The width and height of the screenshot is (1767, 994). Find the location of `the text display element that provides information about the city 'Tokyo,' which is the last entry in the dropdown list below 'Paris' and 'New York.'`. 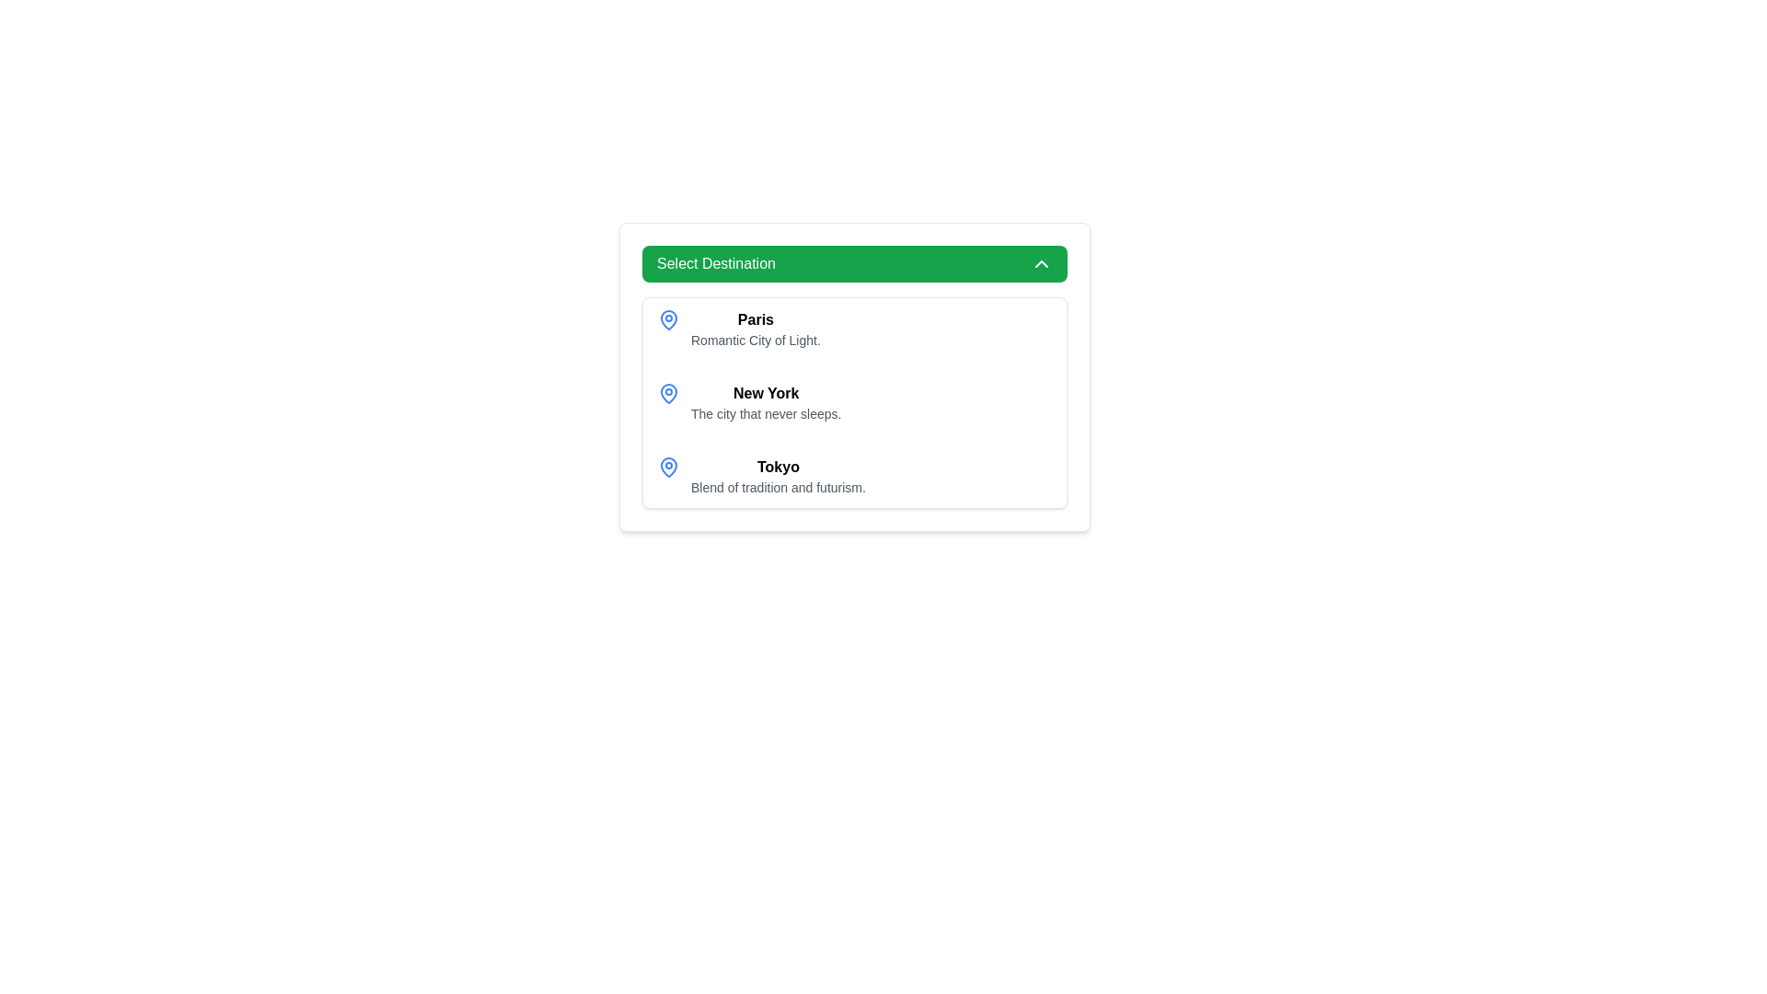

the text display element that provides information about the city 'Tokyo,' which is the last entry in the dropdown list below 'Paris' and 'New York.' is located at coordinates (778, 475).